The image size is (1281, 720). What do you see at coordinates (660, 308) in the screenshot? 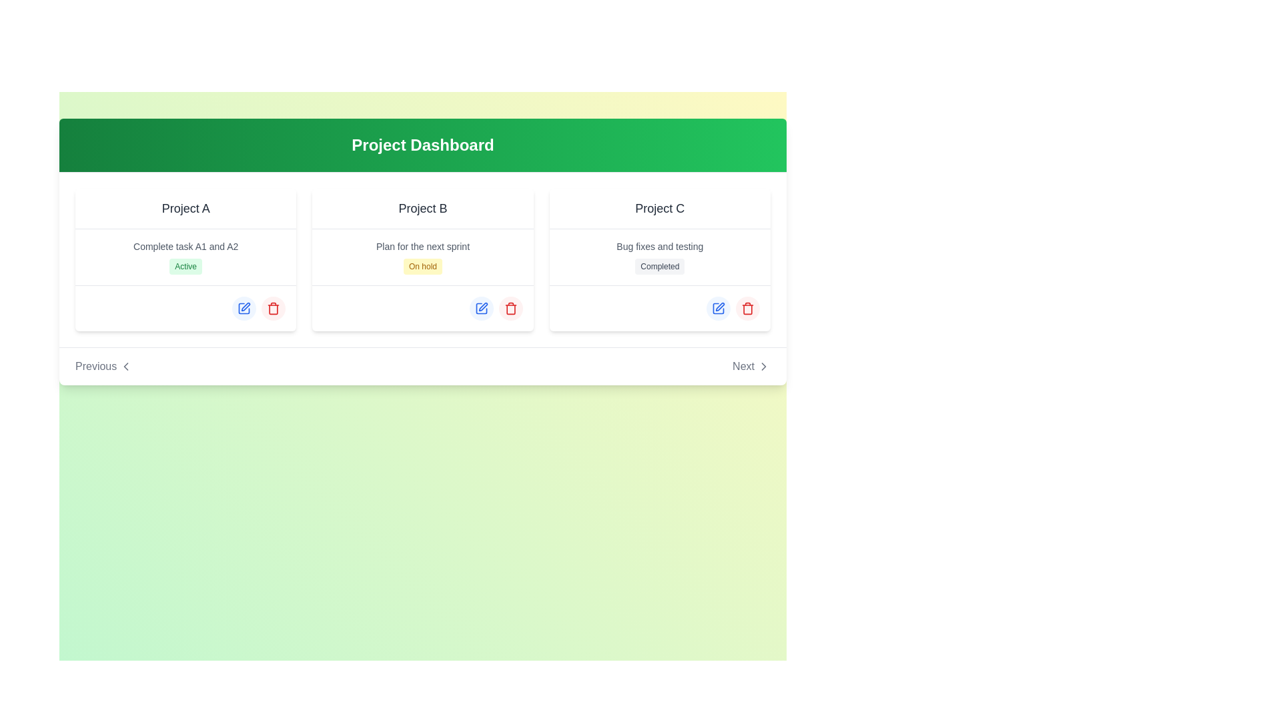
I see `the Action Panel located at the bottom of the 'Project C' card in the 'Project Dashboard'` at bounding box center [660, 308].